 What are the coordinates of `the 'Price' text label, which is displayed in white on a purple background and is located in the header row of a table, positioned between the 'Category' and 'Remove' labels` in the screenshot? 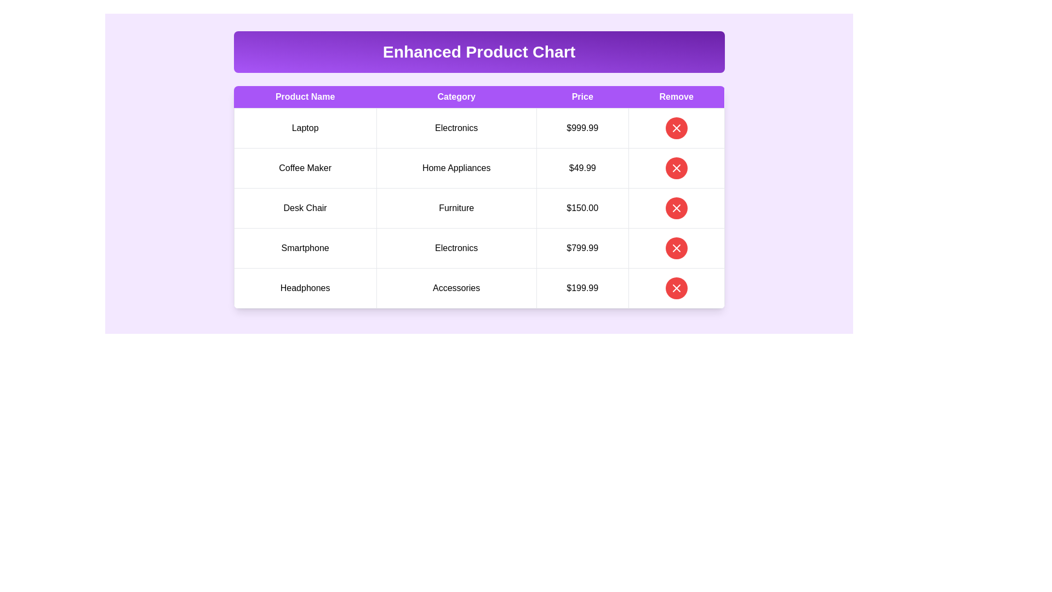 It's located at (582, 96).